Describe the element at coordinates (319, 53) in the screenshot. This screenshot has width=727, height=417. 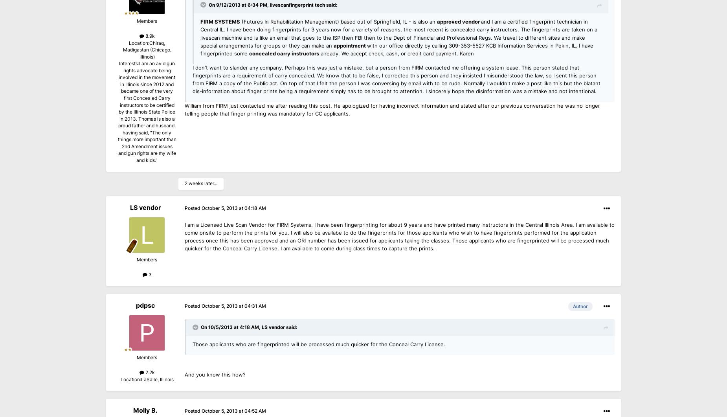
I see `'already.  We accept check, cash, or credit card payment.  Karen'` at that location.